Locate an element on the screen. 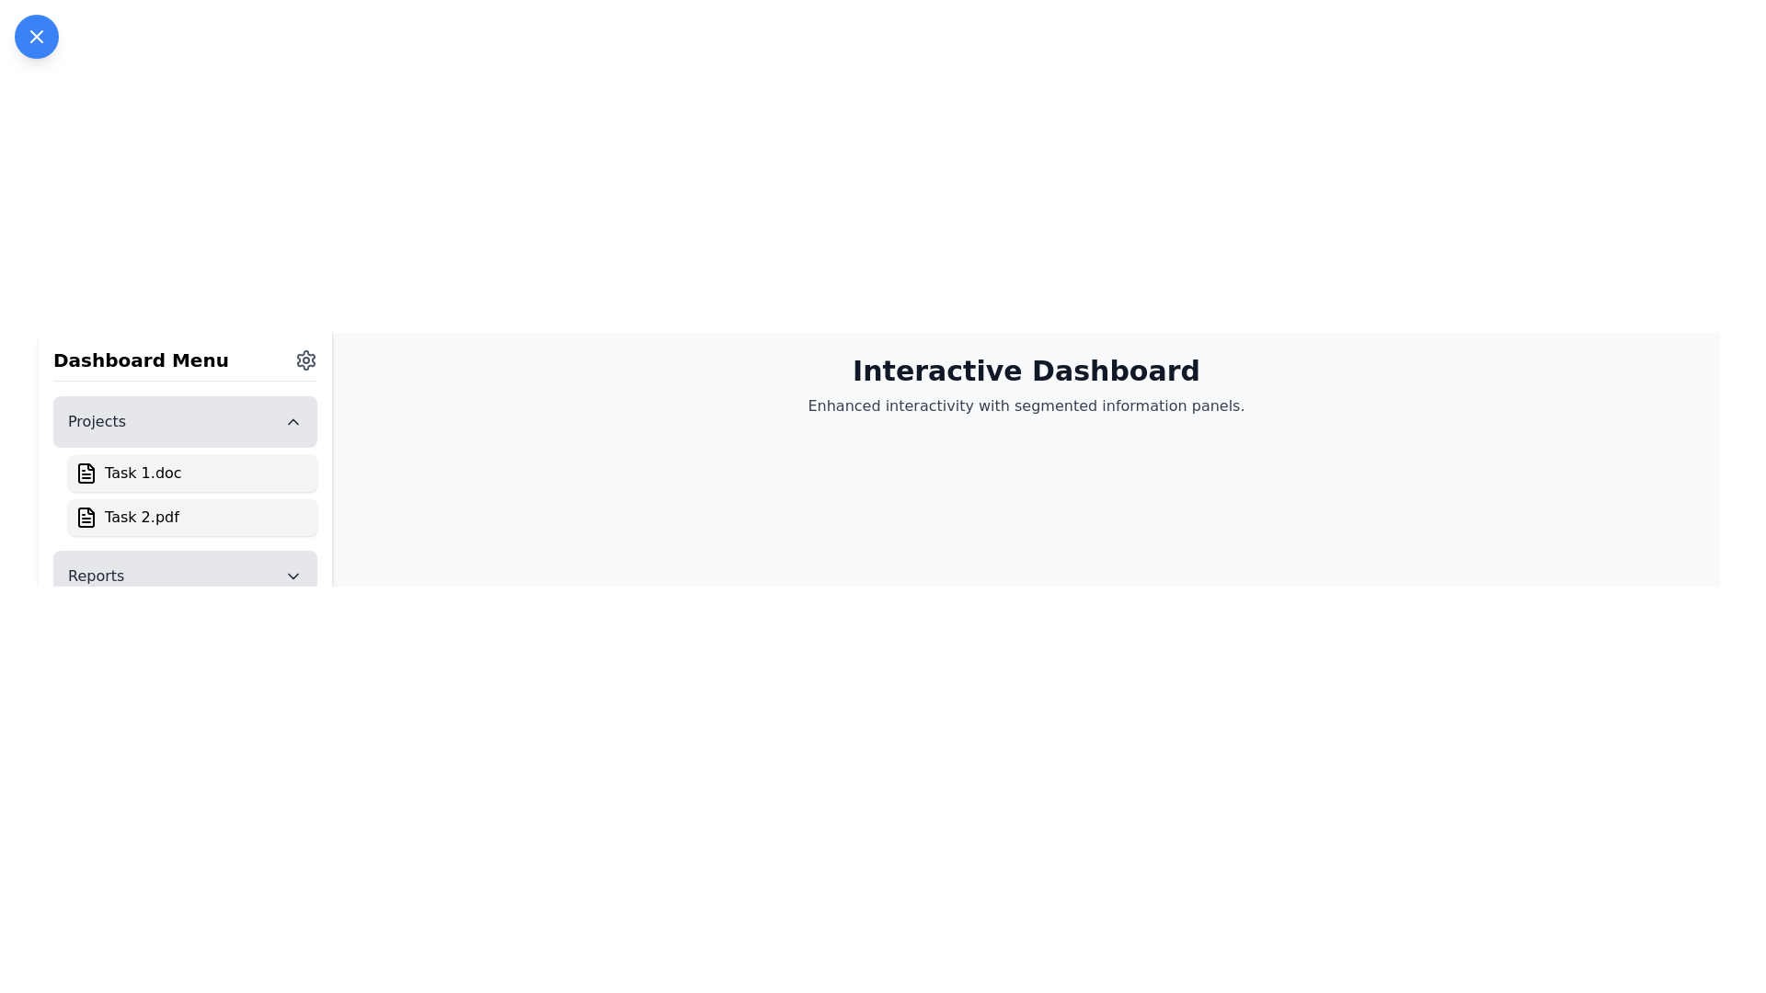 This screenshot has height=993, width=1766. the chevron icon located at the far right end of the 'Projects' button in the left sidebar menu is located at coordinates (292, 422).